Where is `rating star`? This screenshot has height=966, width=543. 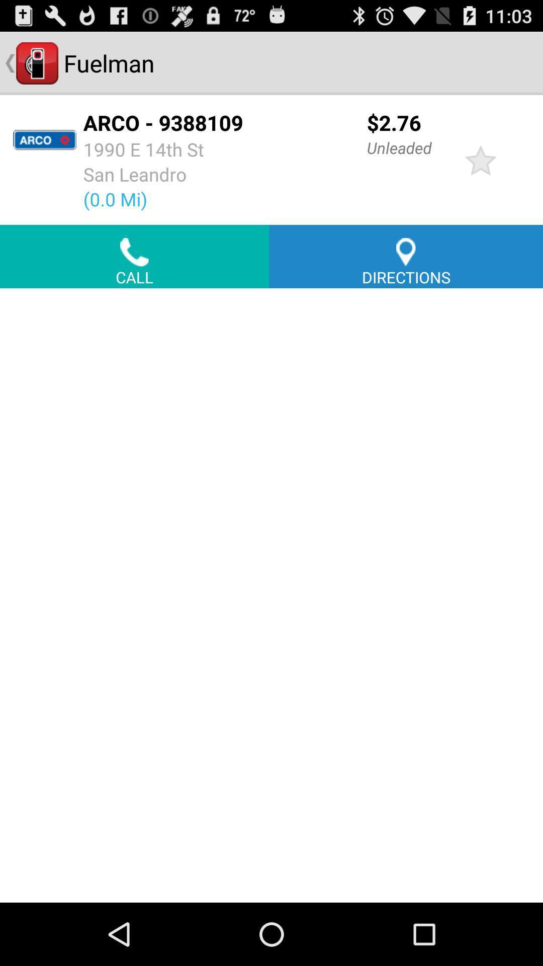
rating star is located at coordinates (480, 159).